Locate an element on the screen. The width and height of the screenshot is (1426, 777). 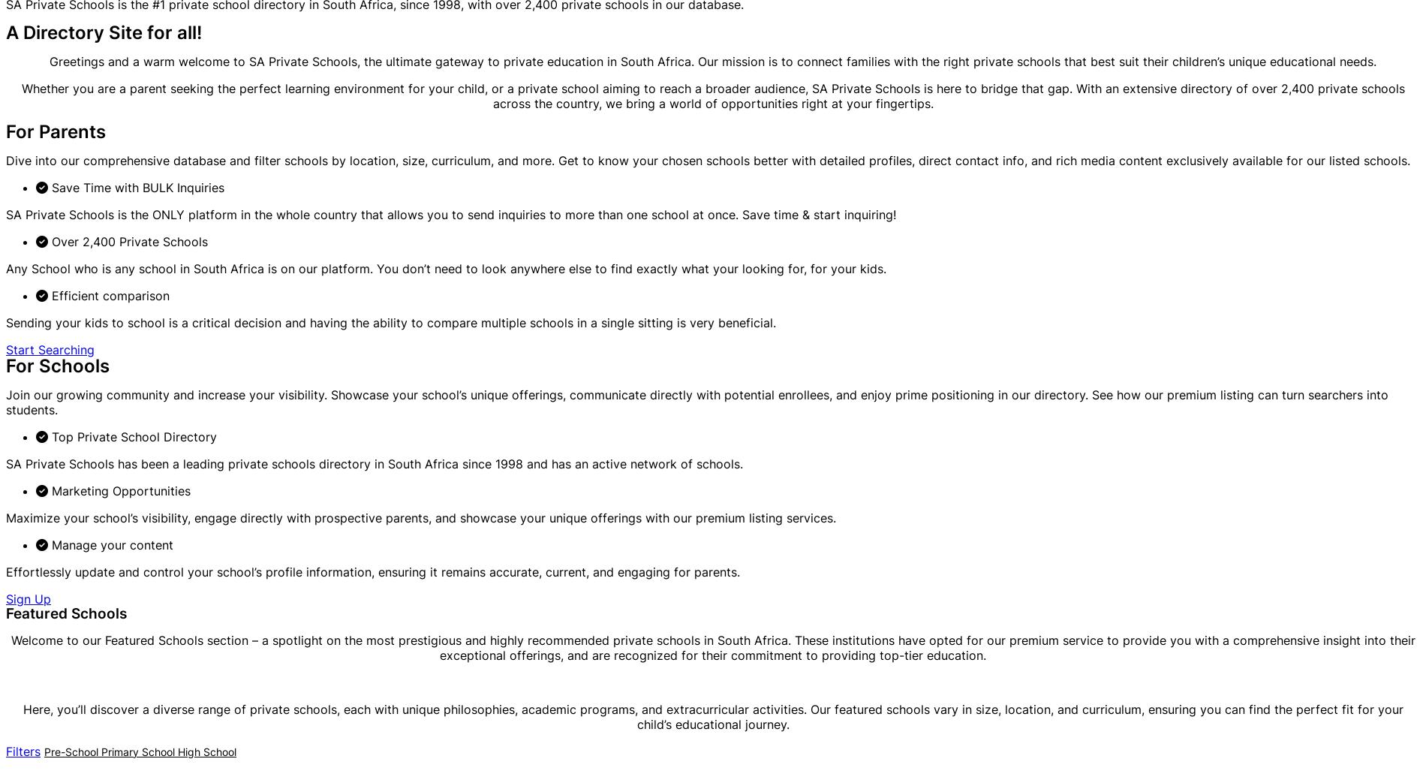
'Greetings and a warm welcome to SA Private Schools, the ultimate gateway to private education in South Africa. Our mission is to connect families with the right private schools that best suit their children’s unique educational needs.' is located at coordinates (713, 61).